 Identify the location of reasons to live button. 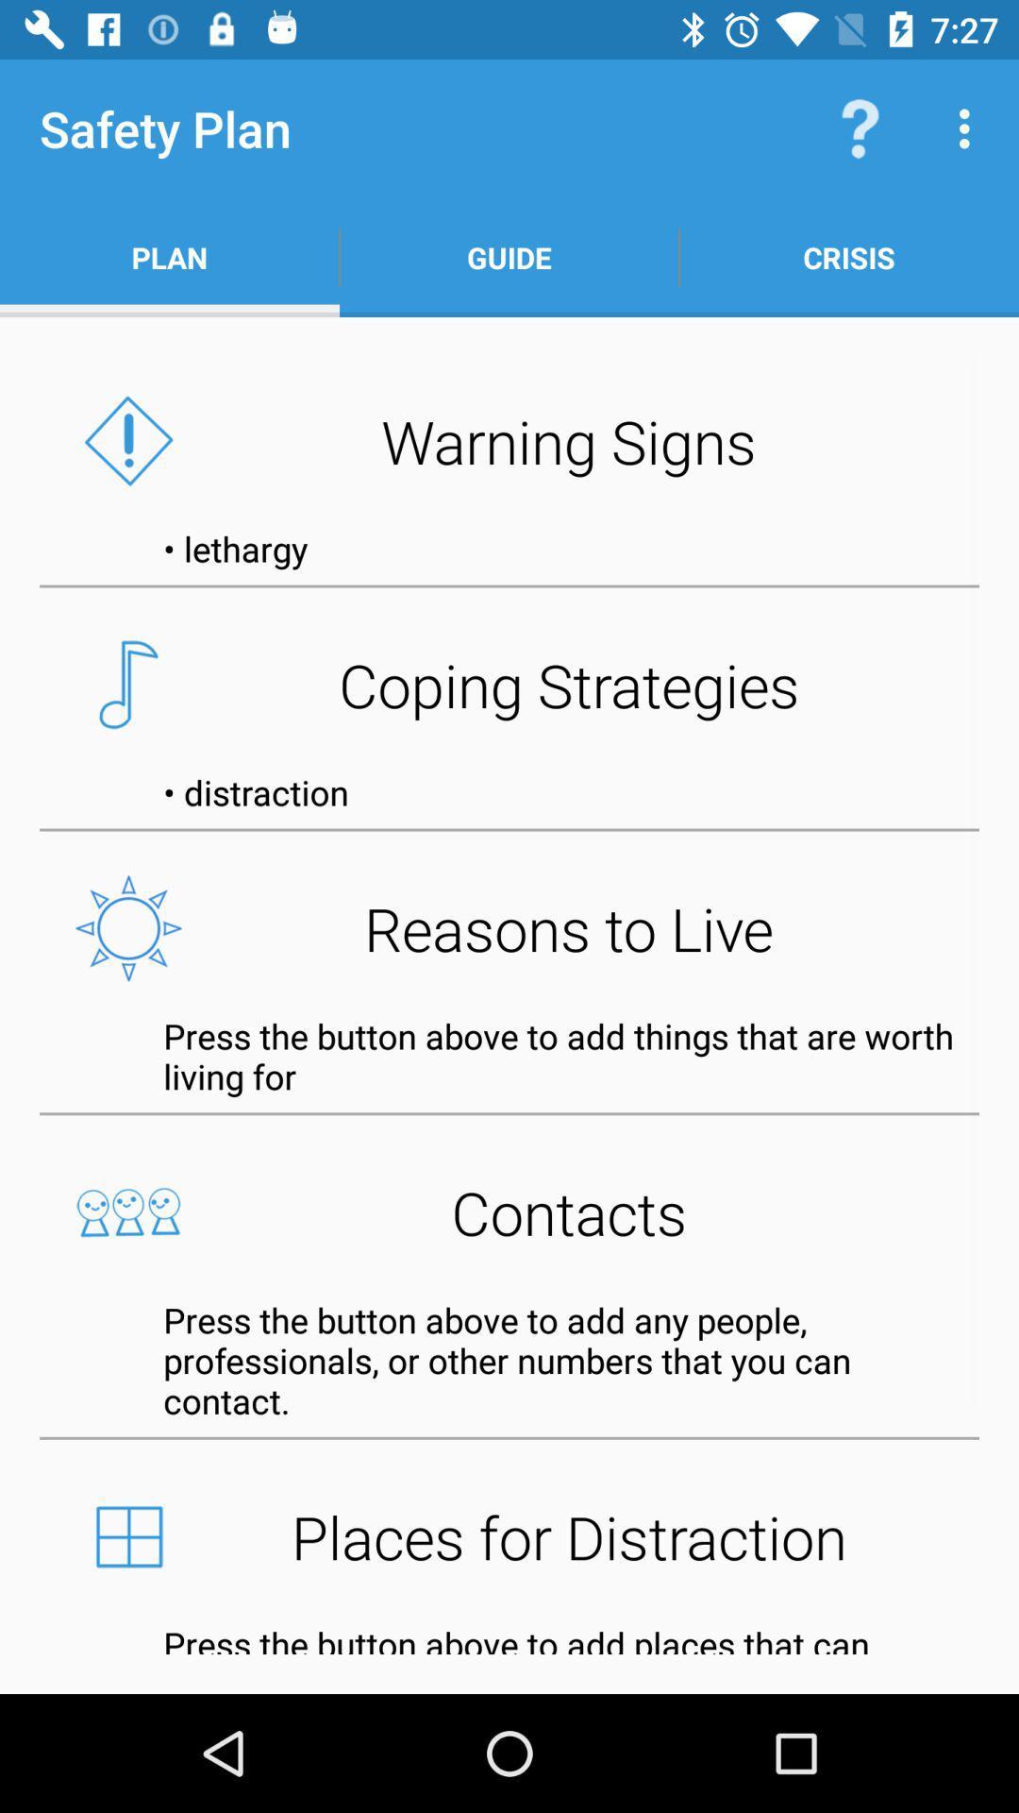
(509, 928).